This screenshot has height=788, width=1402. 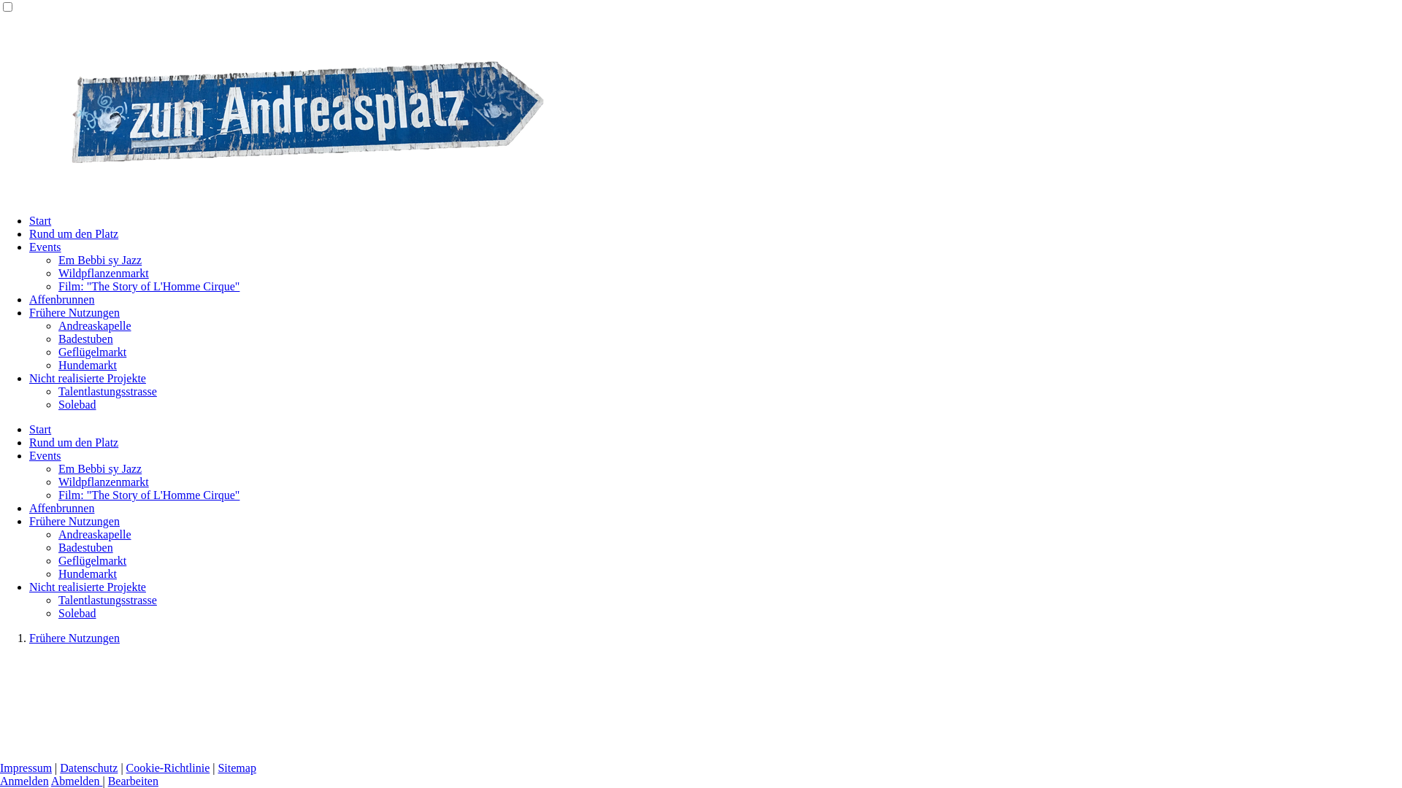 I want to click on 'Abmelden', so click(x=76, y=780).